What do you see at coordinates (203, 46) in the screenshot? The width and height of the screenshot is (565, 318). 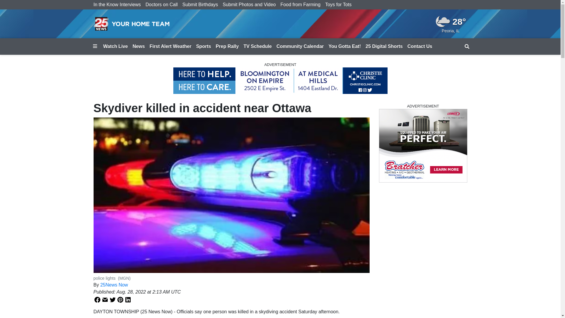 I see `'Sports'` at bounding box center [203, 46].